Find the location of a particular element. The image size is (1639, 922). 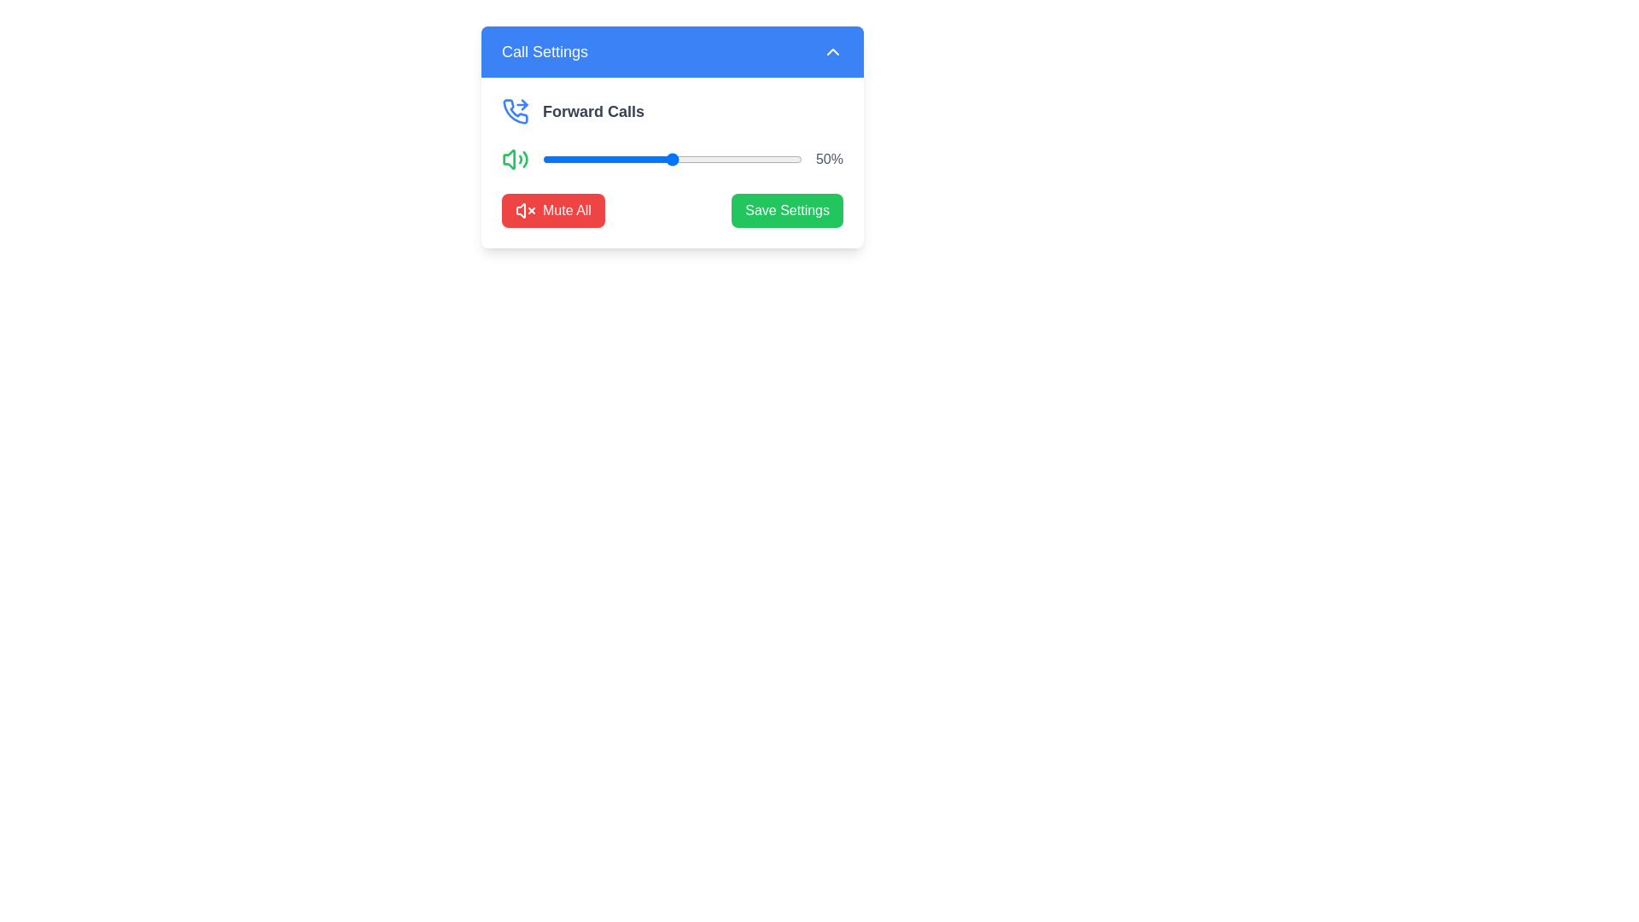

the 'Save Settings' button is located at coordinates (786, 209).